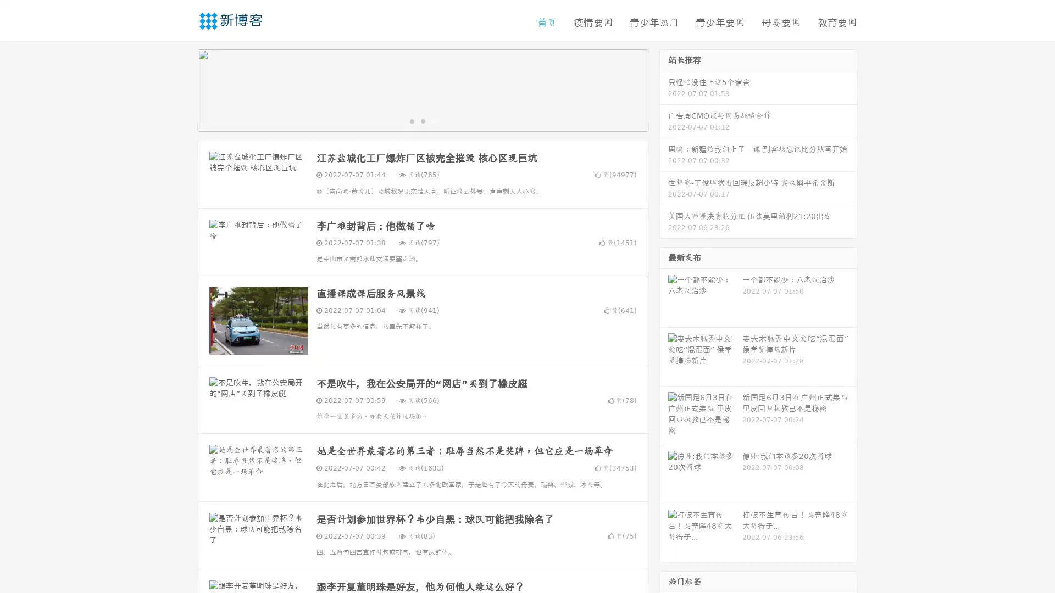 The height and width of the screenshot is (593, 1055). What do you see at coordinates (181, 92) in the screenshot?
I see `Previous slide` at bounding box center [181, 92].